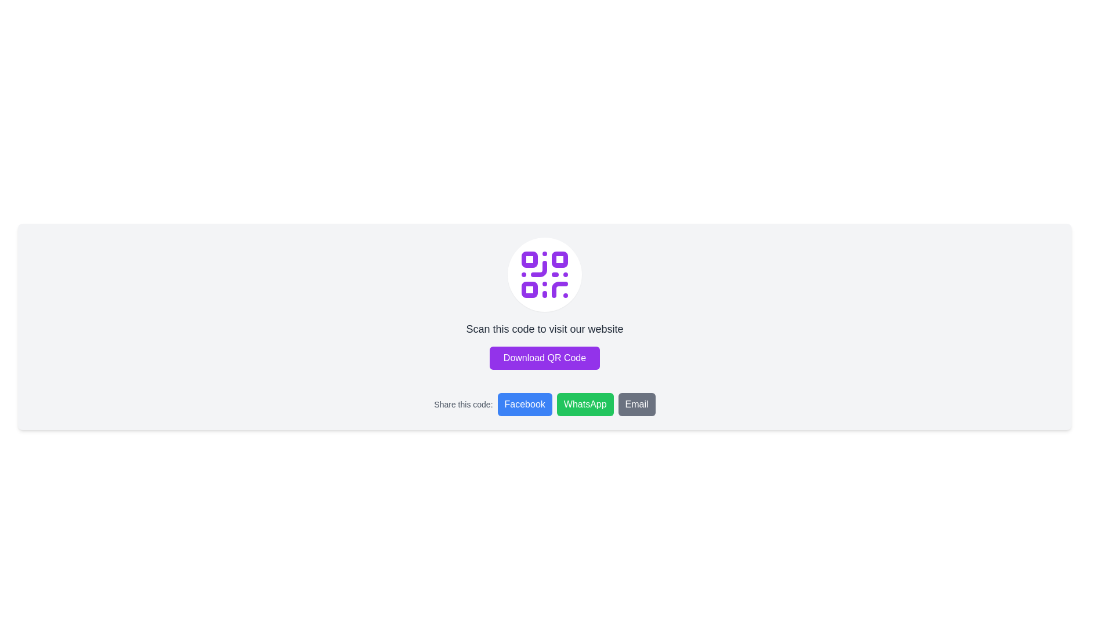  I want to click on the bright blue 'Facebook' button with white text to share via Facebook, so click(524, 404).